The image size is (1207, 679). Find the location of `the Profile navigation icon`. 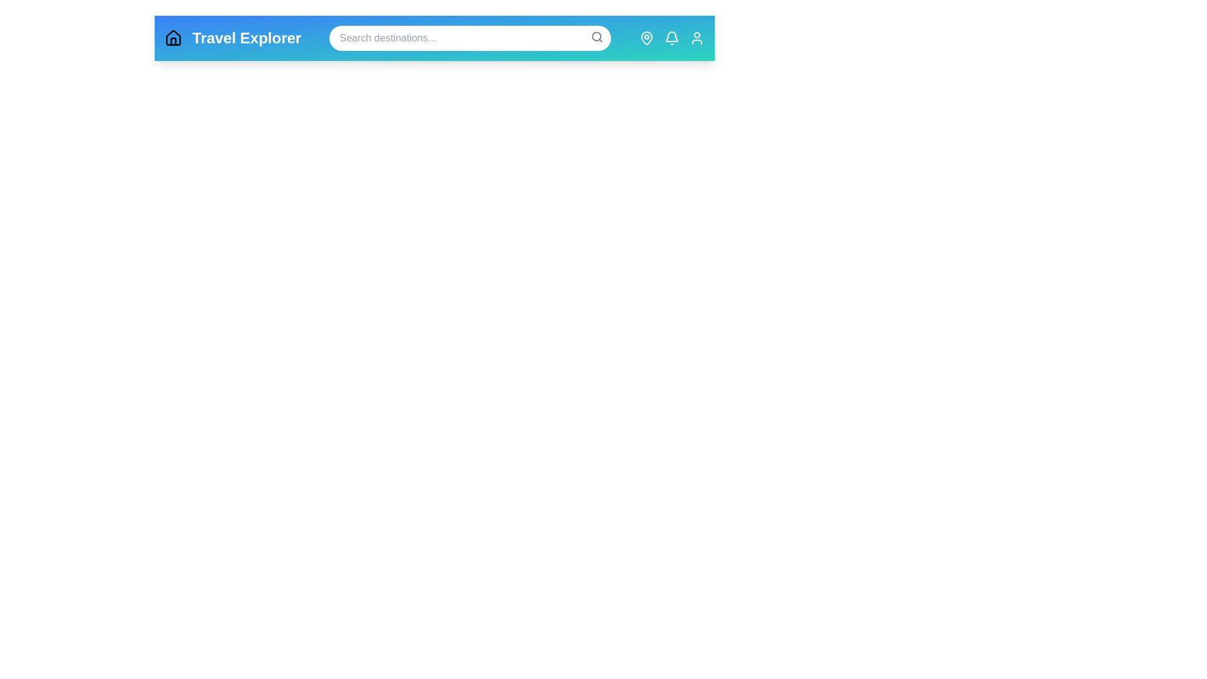

the Profile navigation icon is located at coordinates (696, 38).